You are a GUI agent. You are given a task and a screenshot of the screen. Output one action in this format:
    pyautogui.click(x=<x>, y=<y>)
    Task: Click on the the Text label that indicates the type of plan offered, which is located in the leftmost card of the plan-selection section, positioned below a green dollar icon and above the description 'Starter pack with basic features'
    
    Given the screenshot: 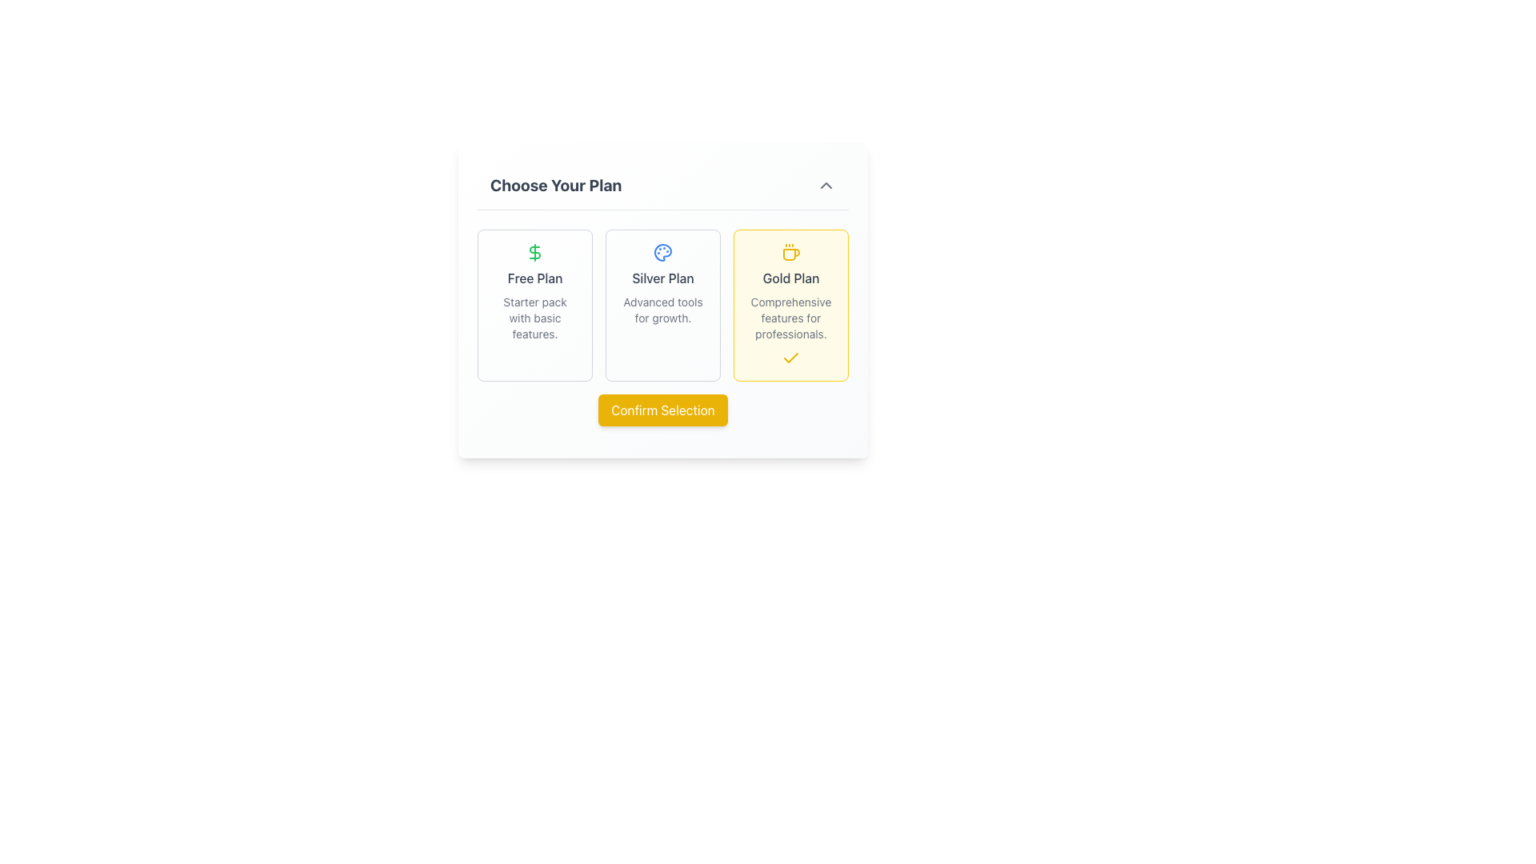 What is the action you would take?
    pyautogui.click(x=534, y=277)
    